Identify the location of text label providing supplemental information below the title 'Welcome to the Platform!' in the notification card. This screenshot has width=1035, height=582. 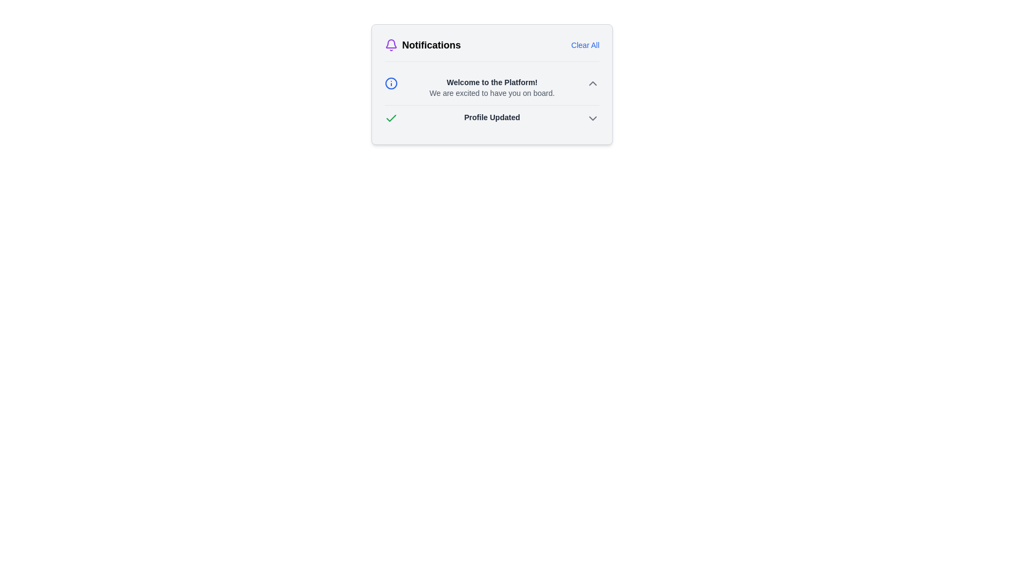
(491, 93).